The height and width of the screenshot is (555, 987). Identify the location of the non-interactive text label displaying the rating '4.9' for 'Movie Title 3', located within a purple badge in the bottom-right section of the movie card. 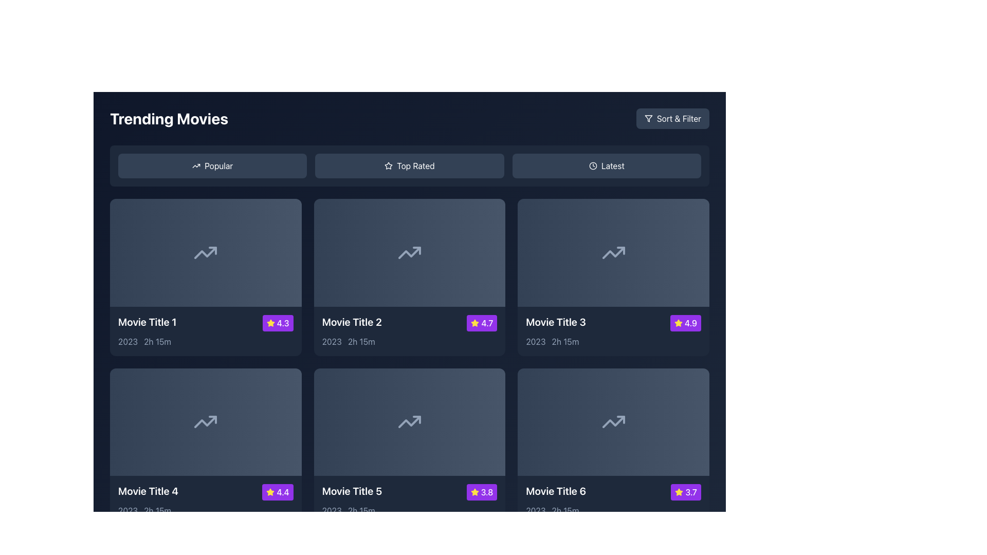
(691, 322).